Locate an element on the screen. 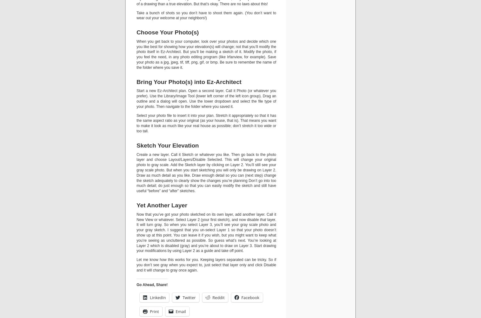 The width and height of the screenshot is (481, 318). 'When you get back to your computer, look over your photos and decide which one you like best for showing how your elevation(s) will change; not that you’ll modify the photo itself in Ez-Architect. But you’ll be making a sketch of it. Modify the photo, if you feel the need, in any photo editing program (like Irfanview, for example). Save your photo as a jpg, jpeg, tif, tiff, png, gif, or bmp. Be sure to remember the name of the folder where you save it.' is located at coordinates (137, 54).